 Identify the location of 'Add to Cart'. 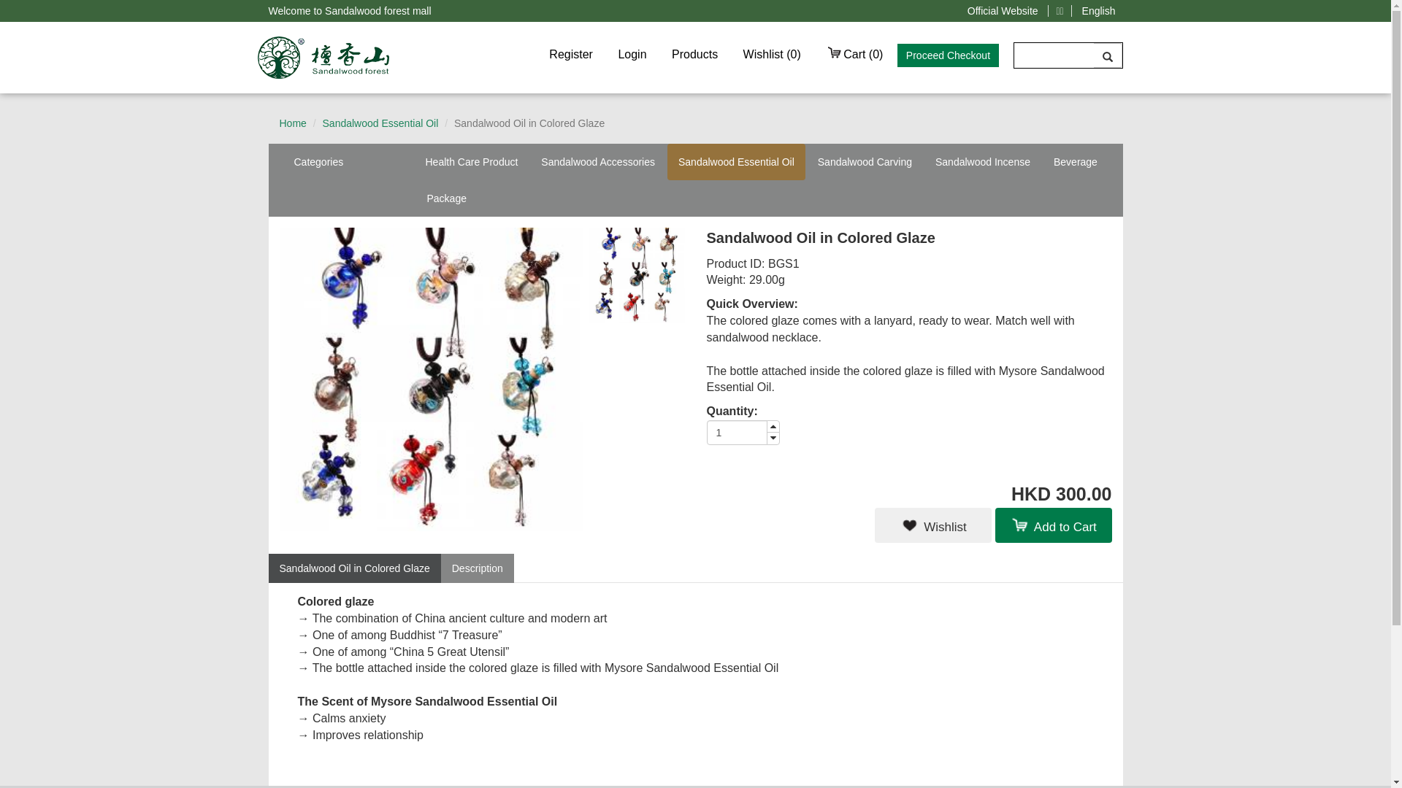
(1052, 525).